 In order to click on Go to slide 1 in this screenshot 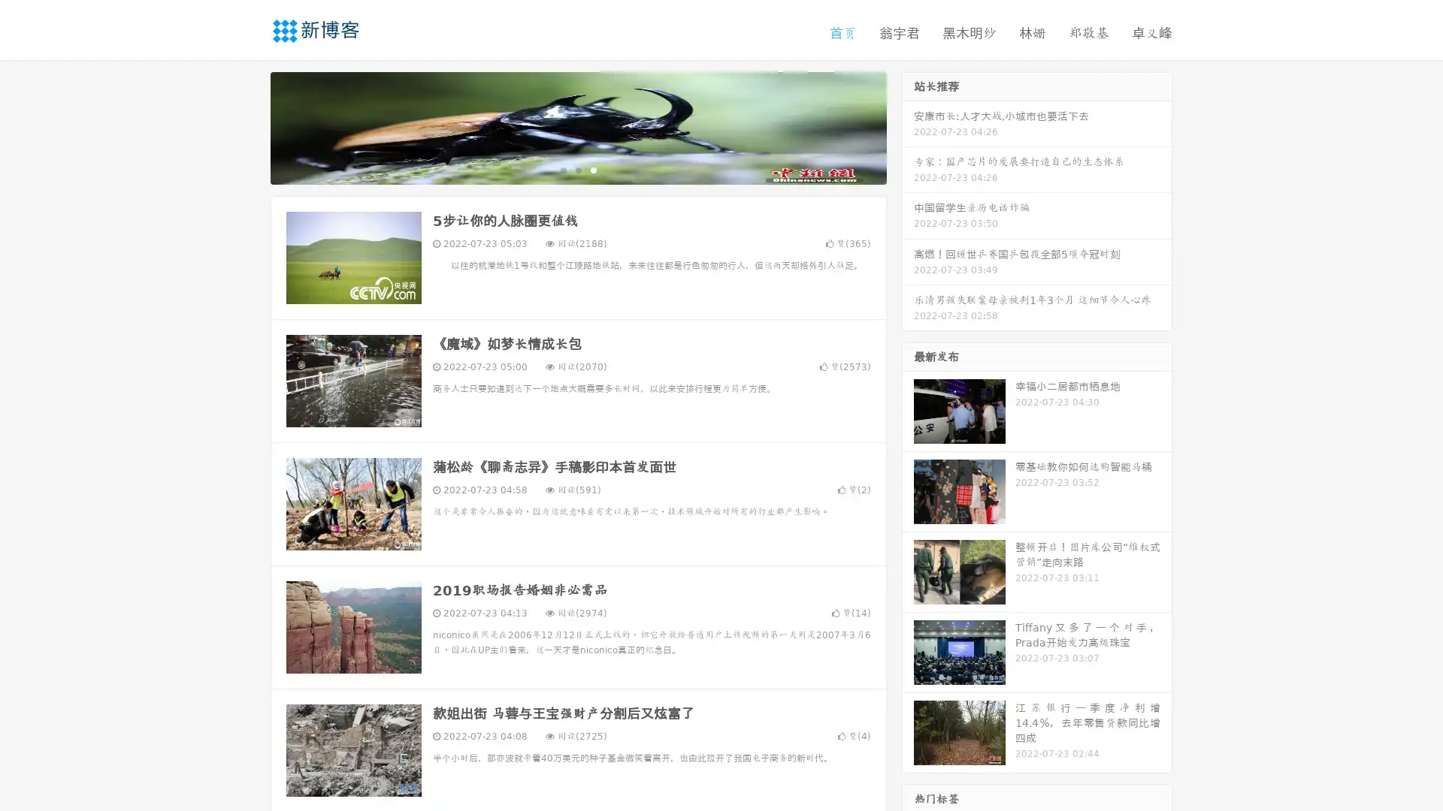, I will do `click(562, 169)`.